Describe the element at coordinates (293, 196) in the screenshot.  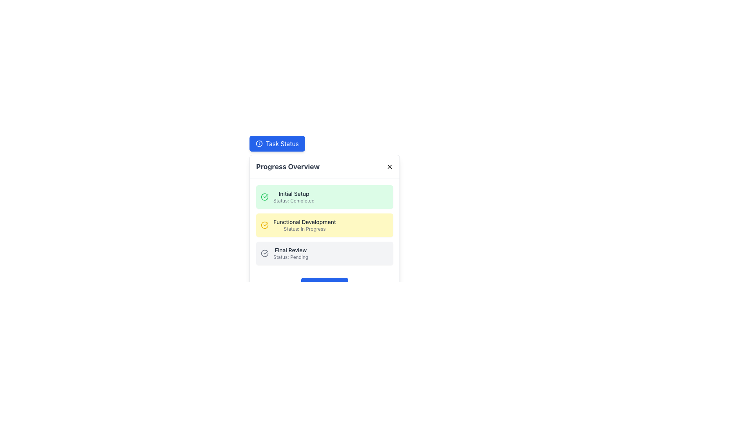
I see `text label displaying 'Initial Setup' with the subtext 'Status: Completed' on a green-highlighted background, located in the first section of a list-style arrangement, positioned to the right of a green checkmark icon` at that location.